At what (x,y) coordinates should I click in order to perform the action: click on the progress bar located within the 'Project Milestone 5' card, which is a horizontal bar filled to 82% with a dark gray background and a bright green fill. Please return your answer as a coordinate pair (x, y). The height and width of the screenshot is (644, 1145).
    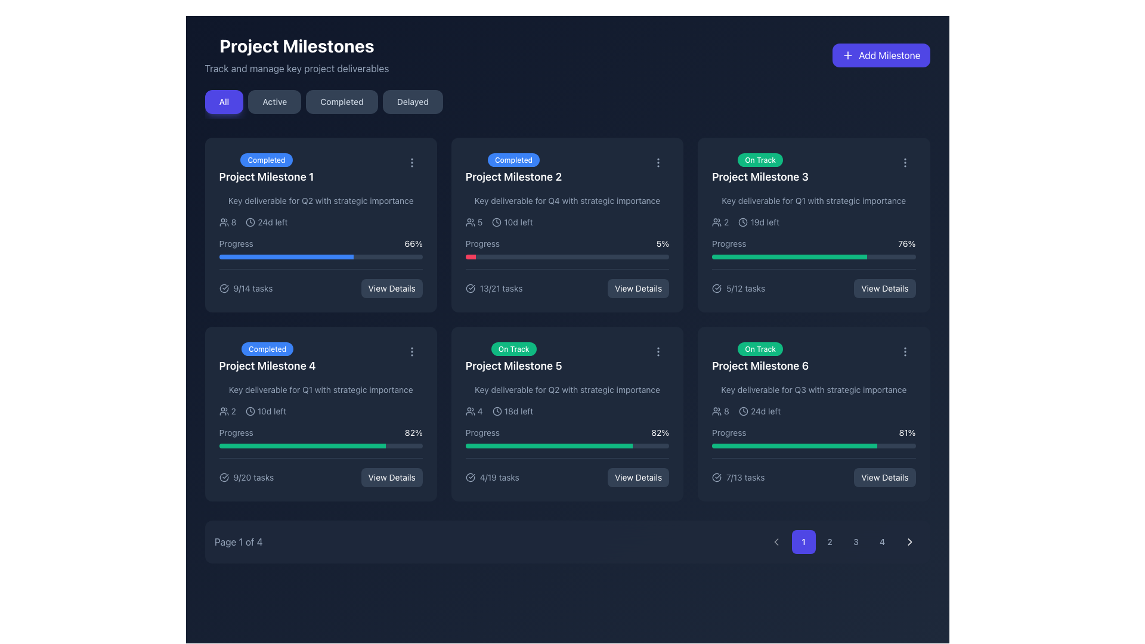
    Looking at the image, I should click on (567, 446).